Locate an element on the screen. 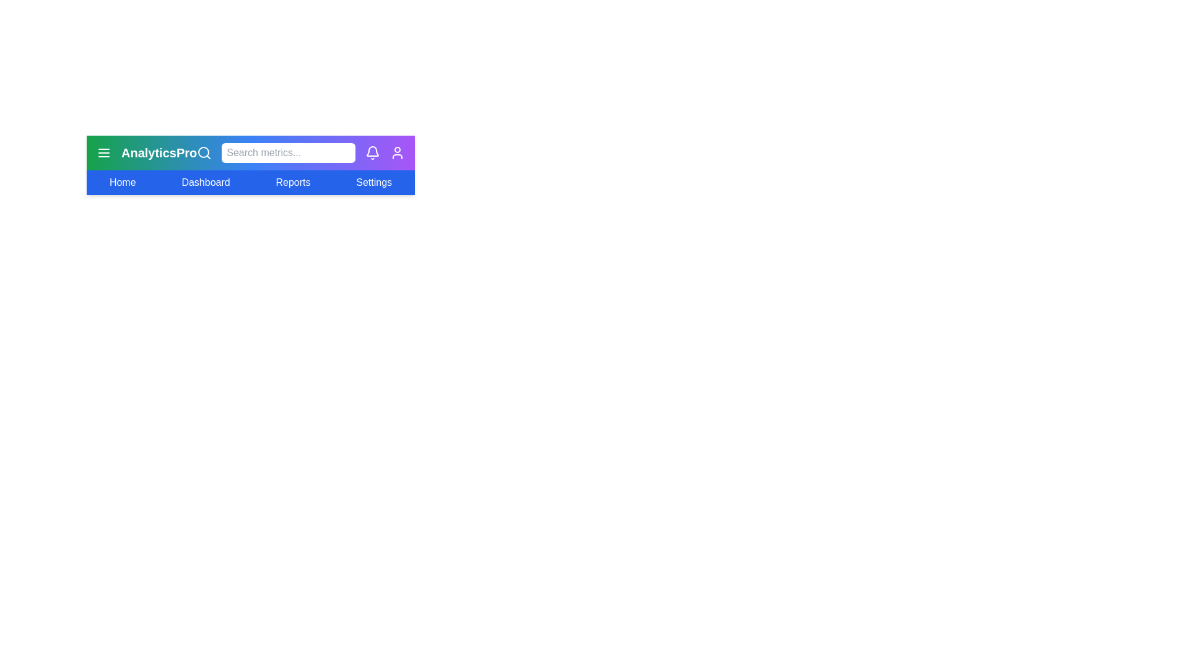 The image size is (1189, 669). the menu button to toggle the menu open or closed is located at coordinates (104, 152).